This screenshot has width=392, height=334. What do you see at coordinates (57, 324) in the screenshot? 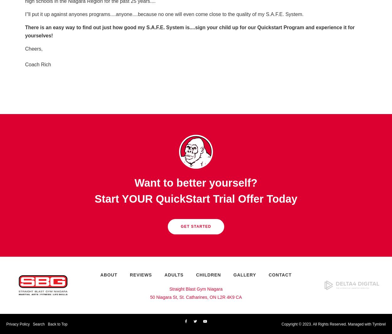
I see `'Back to Top'` at bounding box center [57, 324].